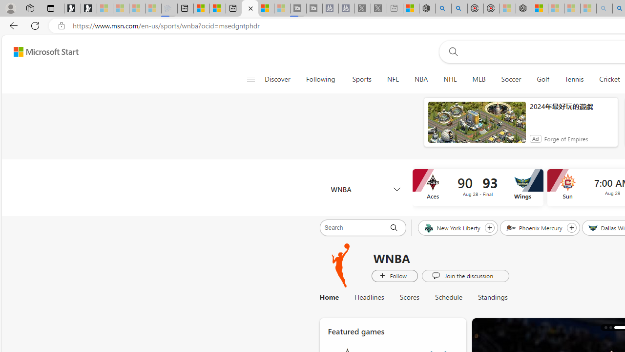  What do you see at coordinates (410, 297) in the screenshot?
I see `'Scores'` at bounding box center [410, 297].